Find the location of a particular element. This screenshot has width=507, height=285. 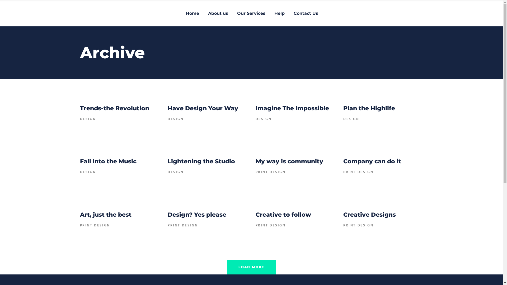

'Imagine The Impossible' is located at coordinates (292, 108).